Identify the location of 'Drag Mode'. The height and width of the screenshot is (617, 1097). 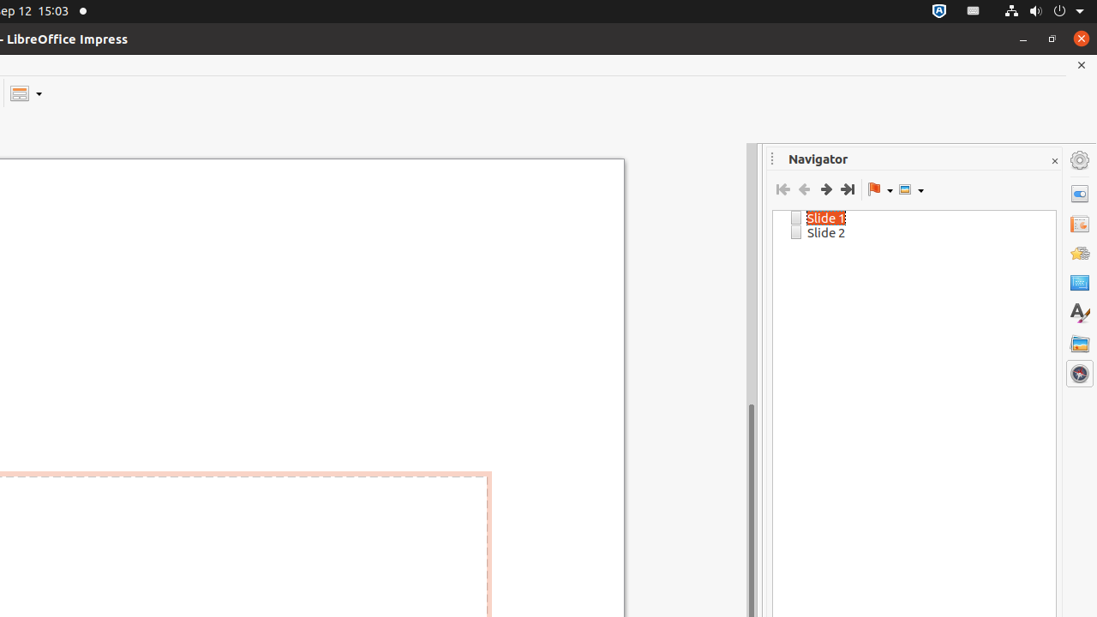
(879, 189).